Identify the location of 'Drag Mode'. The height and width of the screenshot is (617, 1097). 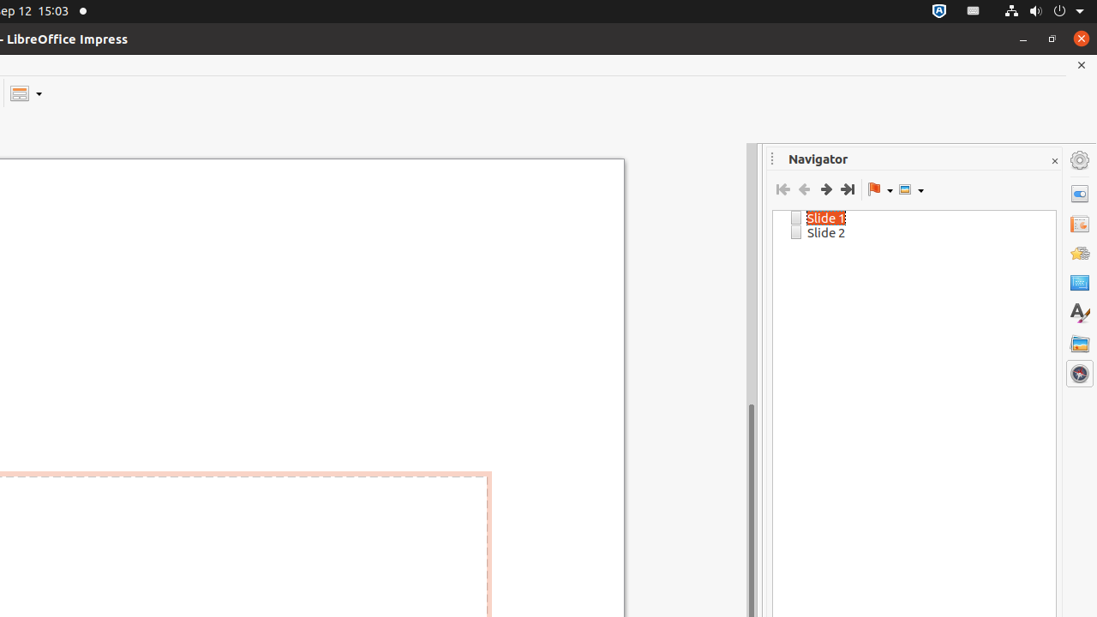
(879, 189).